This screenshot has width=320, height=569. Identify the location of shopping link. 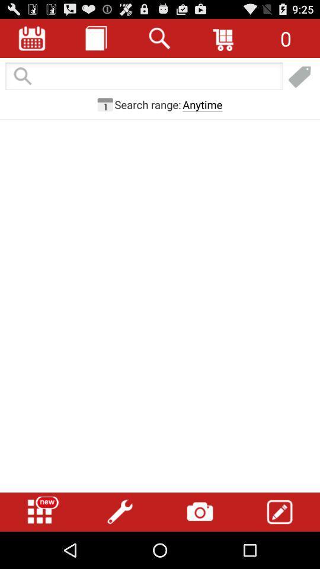
(299, 76).